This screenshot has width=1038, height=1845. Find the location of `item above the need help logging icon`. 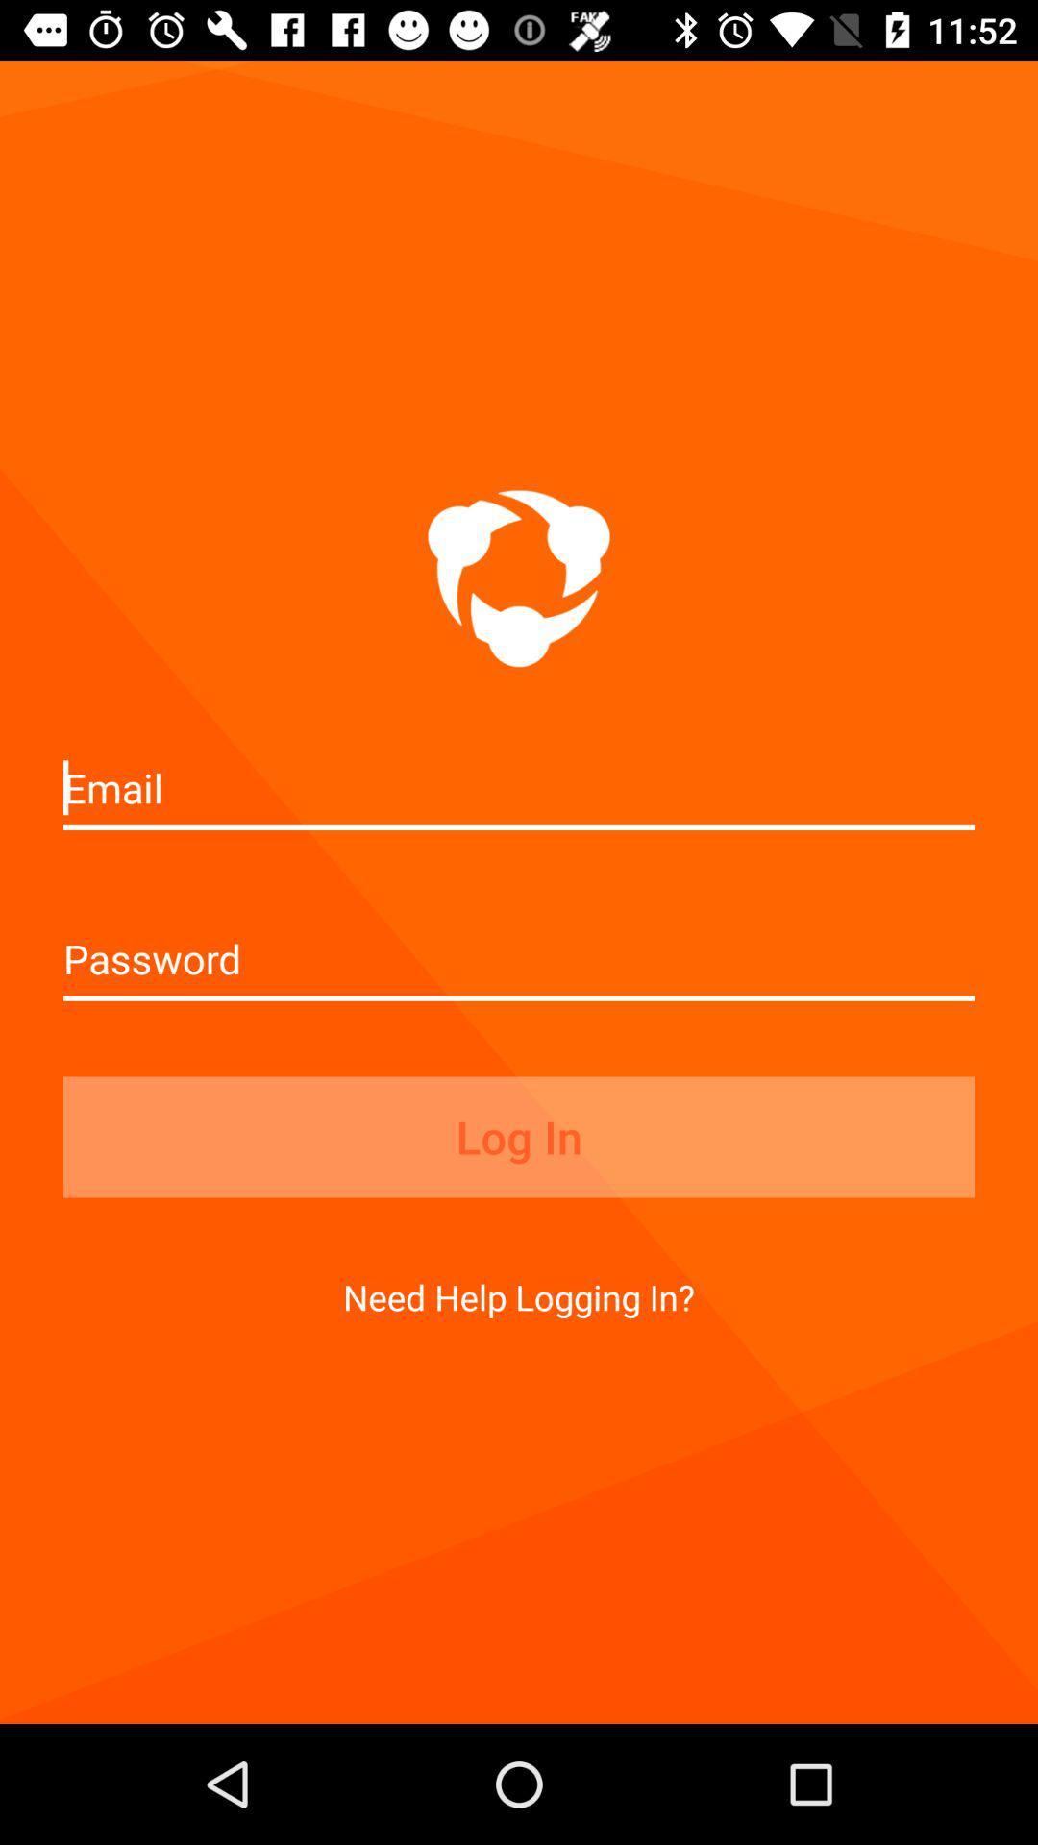

item above the need help logging icon is located at coordinates (519, 1137).